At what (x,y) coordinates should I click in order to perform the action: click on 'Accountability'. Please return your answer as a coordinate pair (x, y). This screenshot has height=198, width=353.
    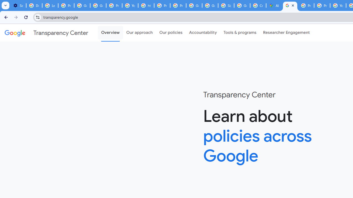
    Looking at the image, I should click on (203, 33).